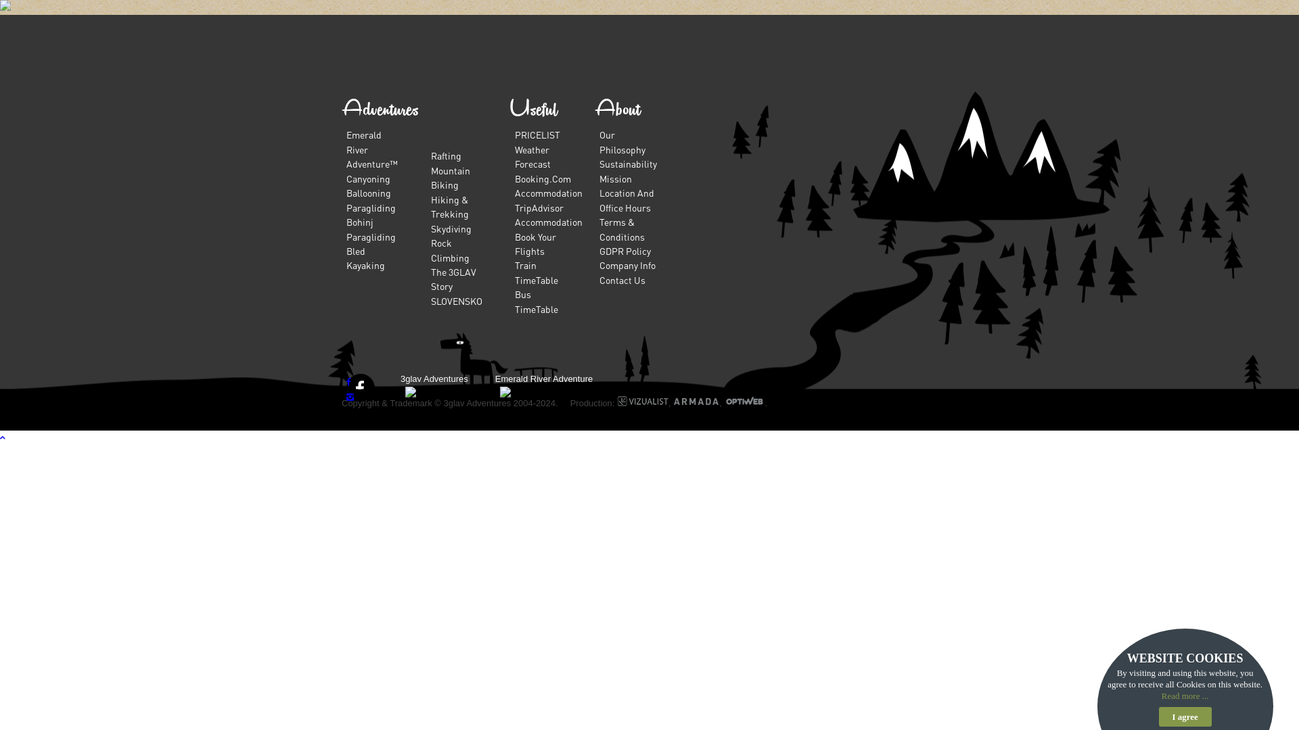 This screenshot has height=730, width=1299. I want to click on 'Scroll to top', so click(0, 437).